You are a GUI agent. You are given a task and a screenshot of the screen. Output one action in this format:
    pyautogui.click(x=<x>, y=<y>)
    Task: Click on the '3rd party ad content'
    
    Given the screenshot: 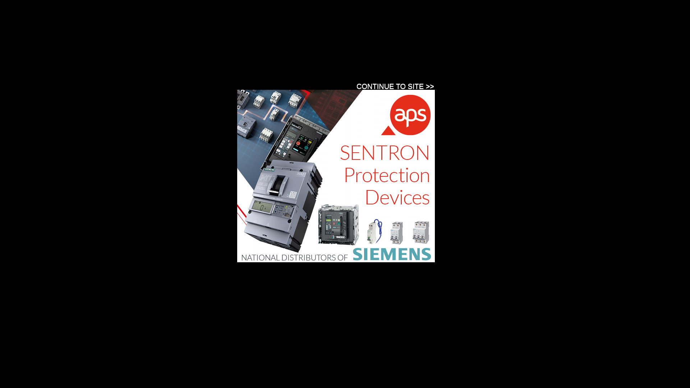 What is the action you would take?
    pyautogui.click(x=336, y=176)
    